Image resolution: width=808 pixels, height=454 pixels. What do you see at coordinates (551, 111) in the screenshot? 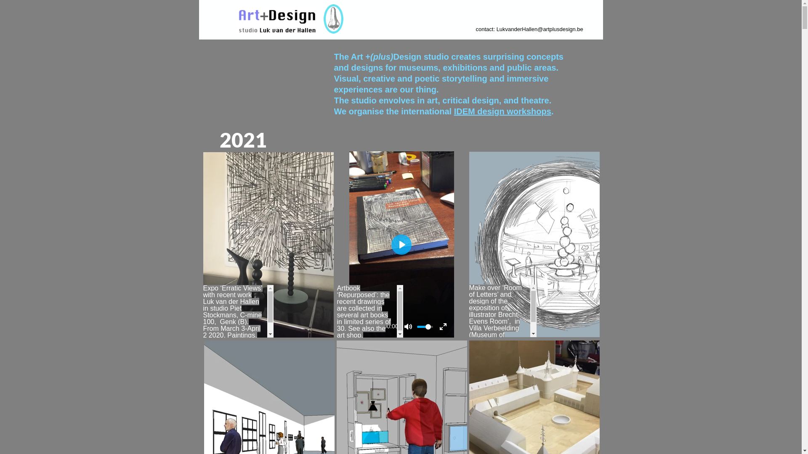
I see `'.'` at bounding box center [551, 111].